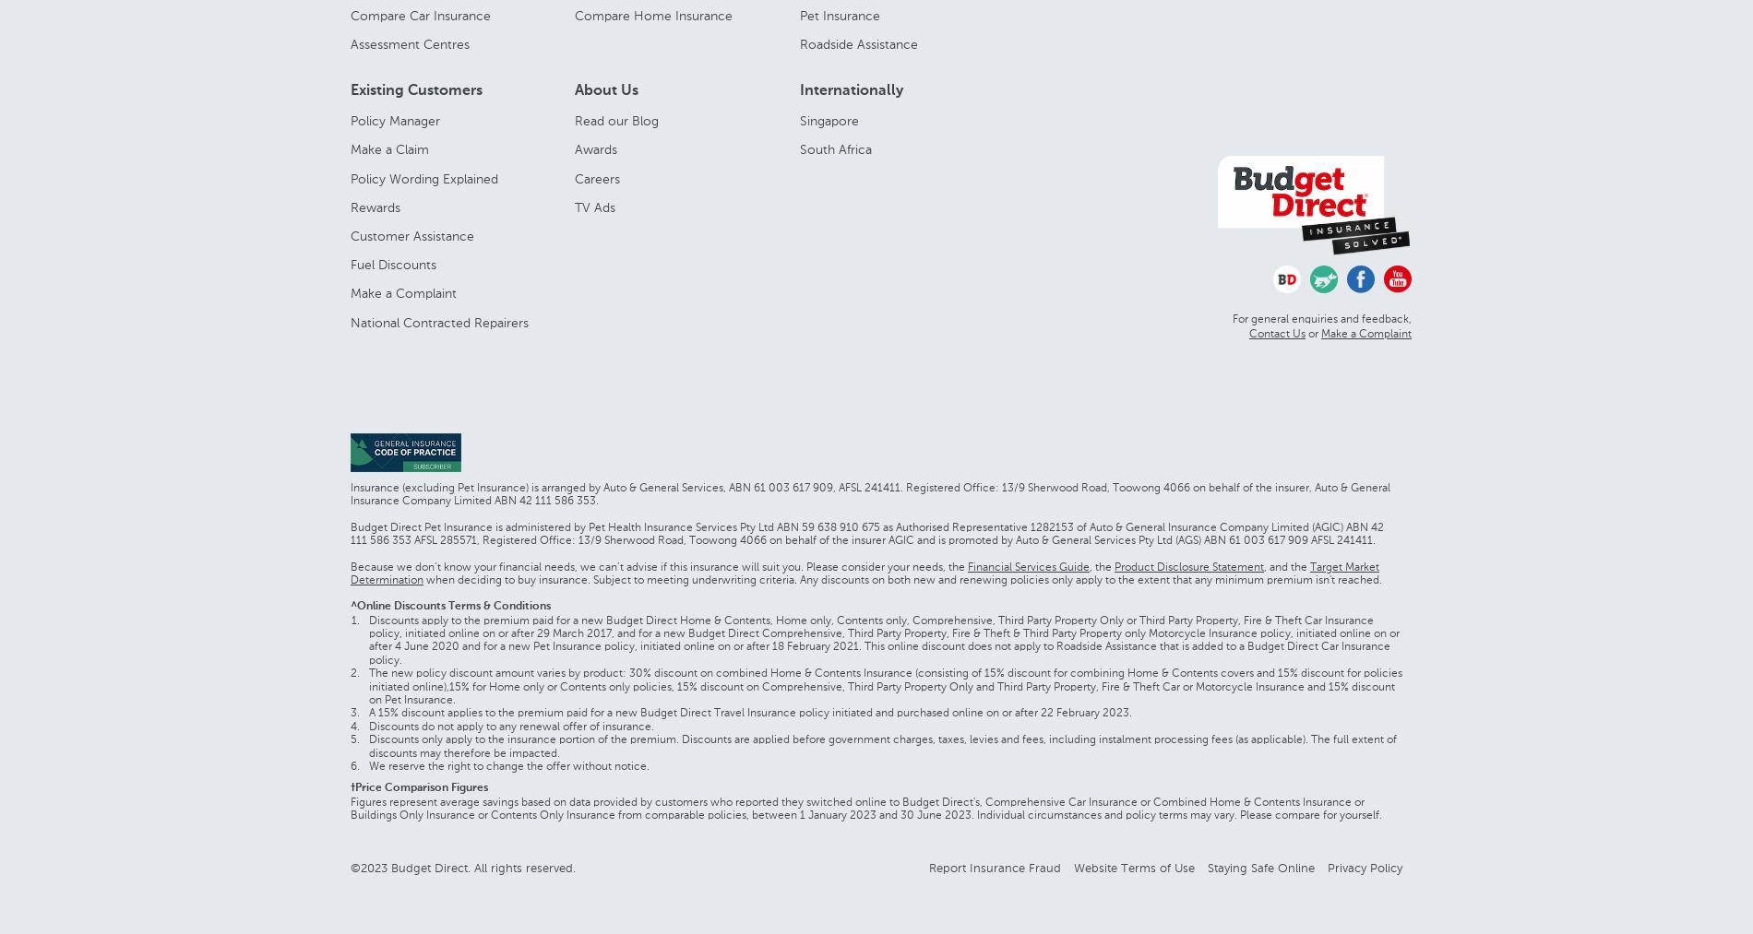  I want to click on 'A 15% discount applies to the premium paid for a new Budget Direct Travel Insurance policy initiated and purchased online on or after 22 February 2023.', so click(367, 713).